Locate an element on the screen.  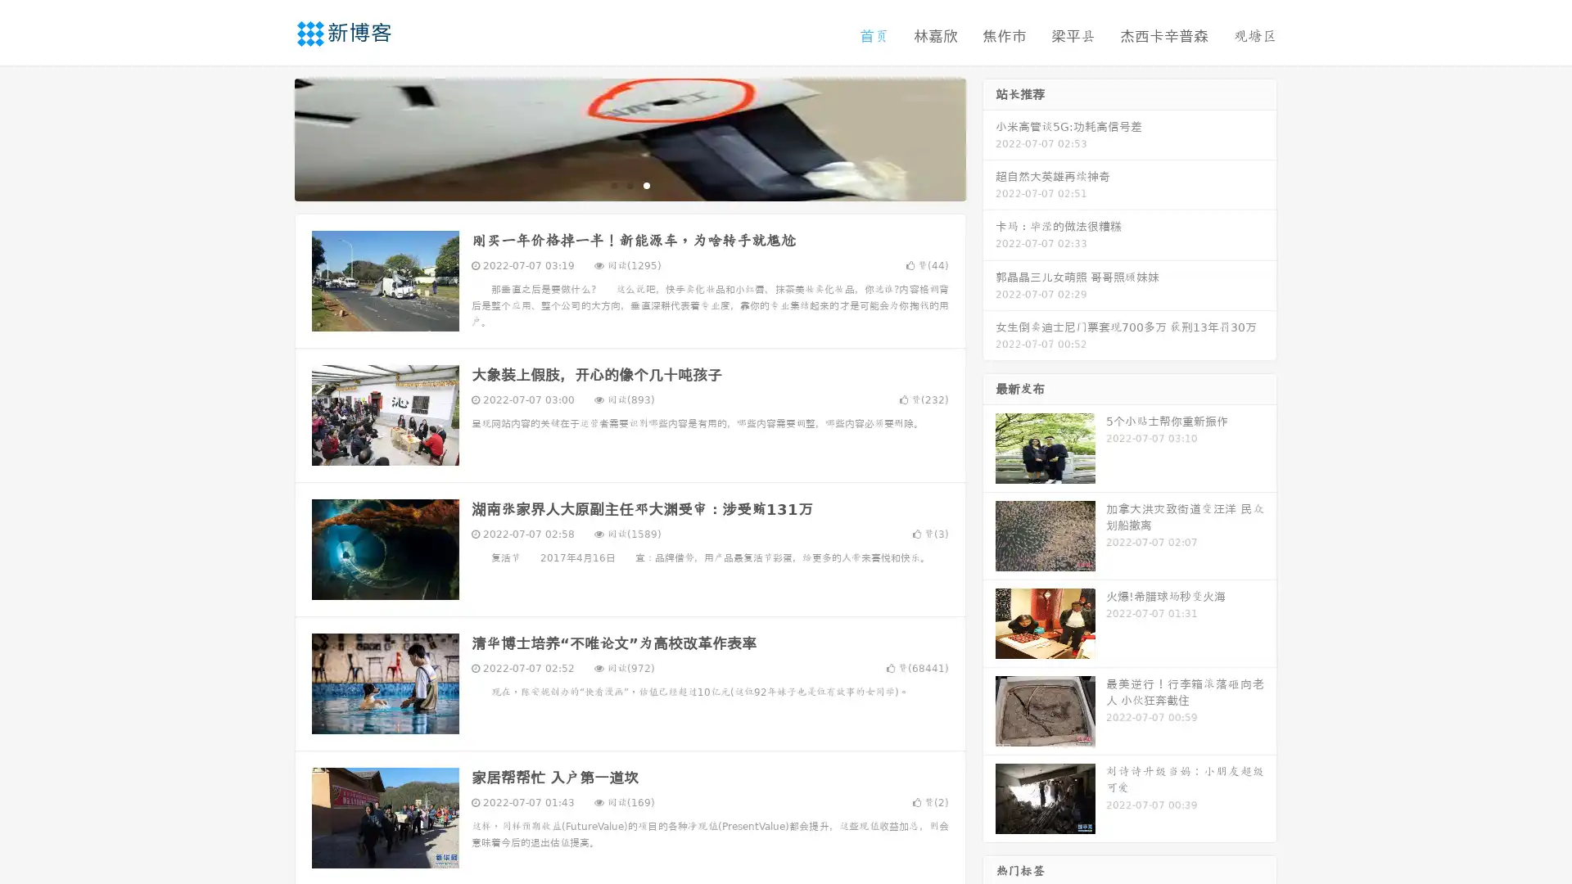
Go to slide 2 is located at coordinates (629, 184).